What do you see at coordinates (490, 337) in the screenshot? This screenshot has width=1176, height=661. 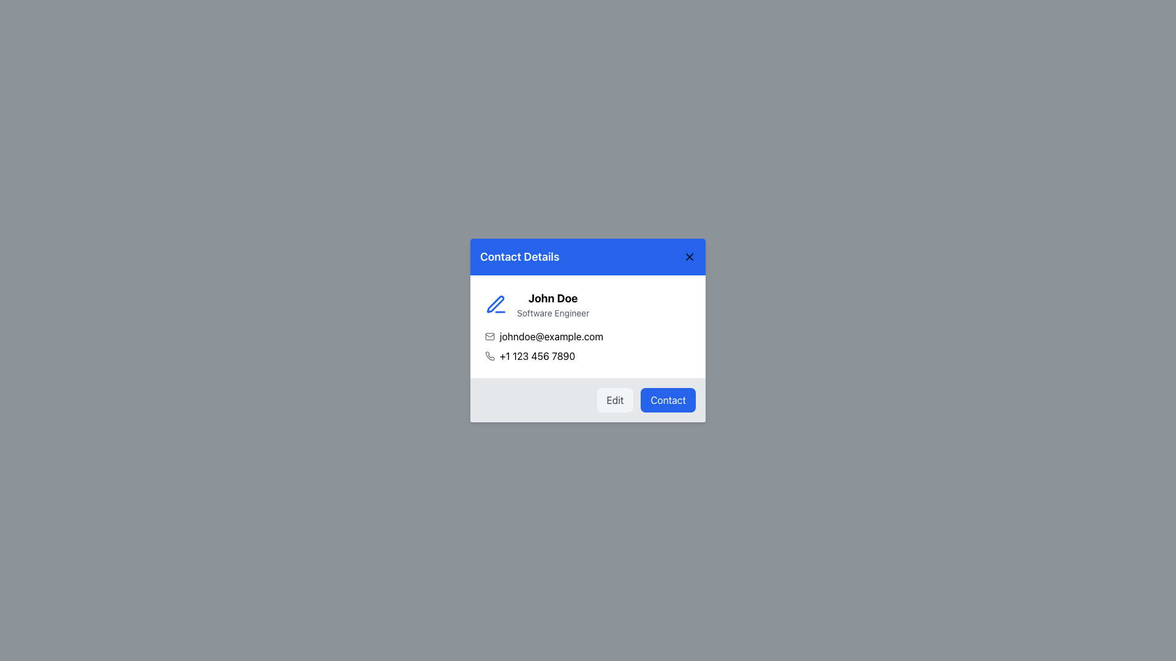 I see `the email icon which serves as a visual identifier for the email address` at bounding box center [490, 337].